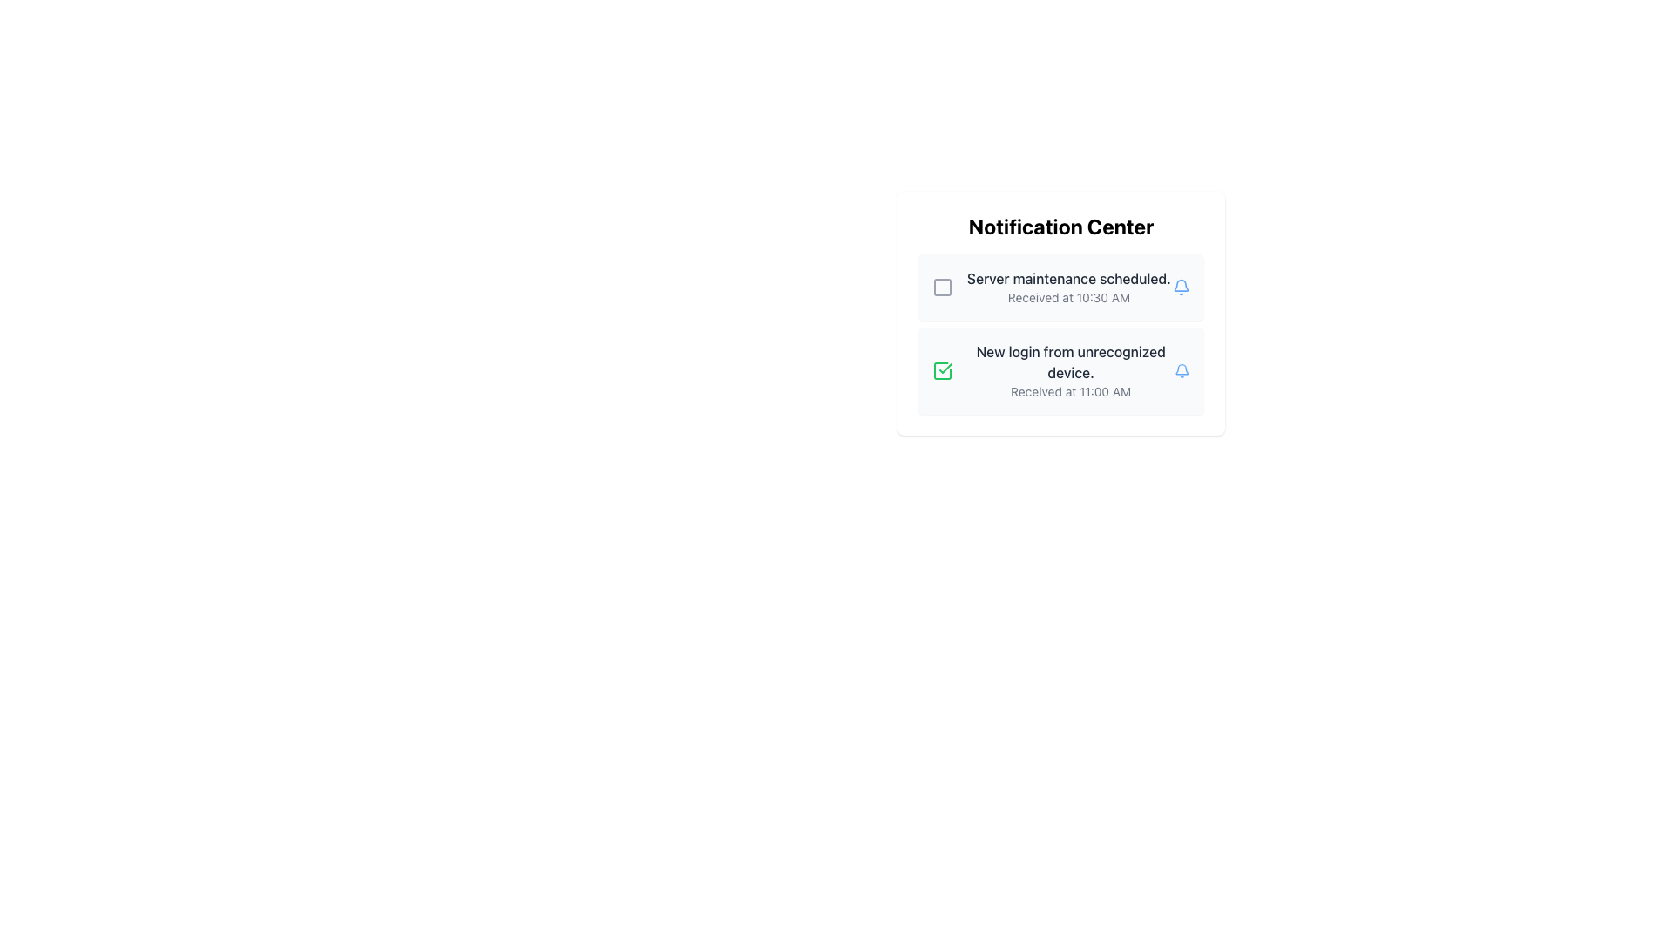 The height and width of the screenshot is (941, 1673). Describe the element at coordinates (1067, 278) in the screenshot. I see `the text element displaying 'Server maintenance scheduled.' in the Notification Center, which is the first line of text in the first notification entry` at that location.